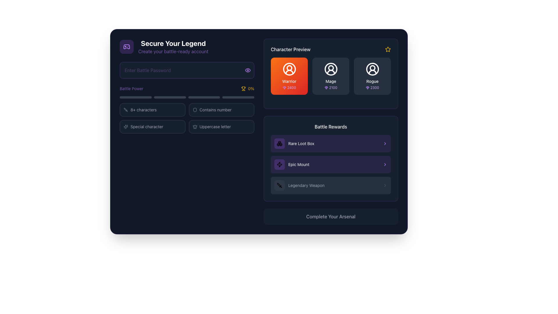  I want to click on the purple rightward-pointing chevron icon used for navigation located at the far right of the 'Epic Mount' row in the 'Battle Rewards' section, so click(385, 165).